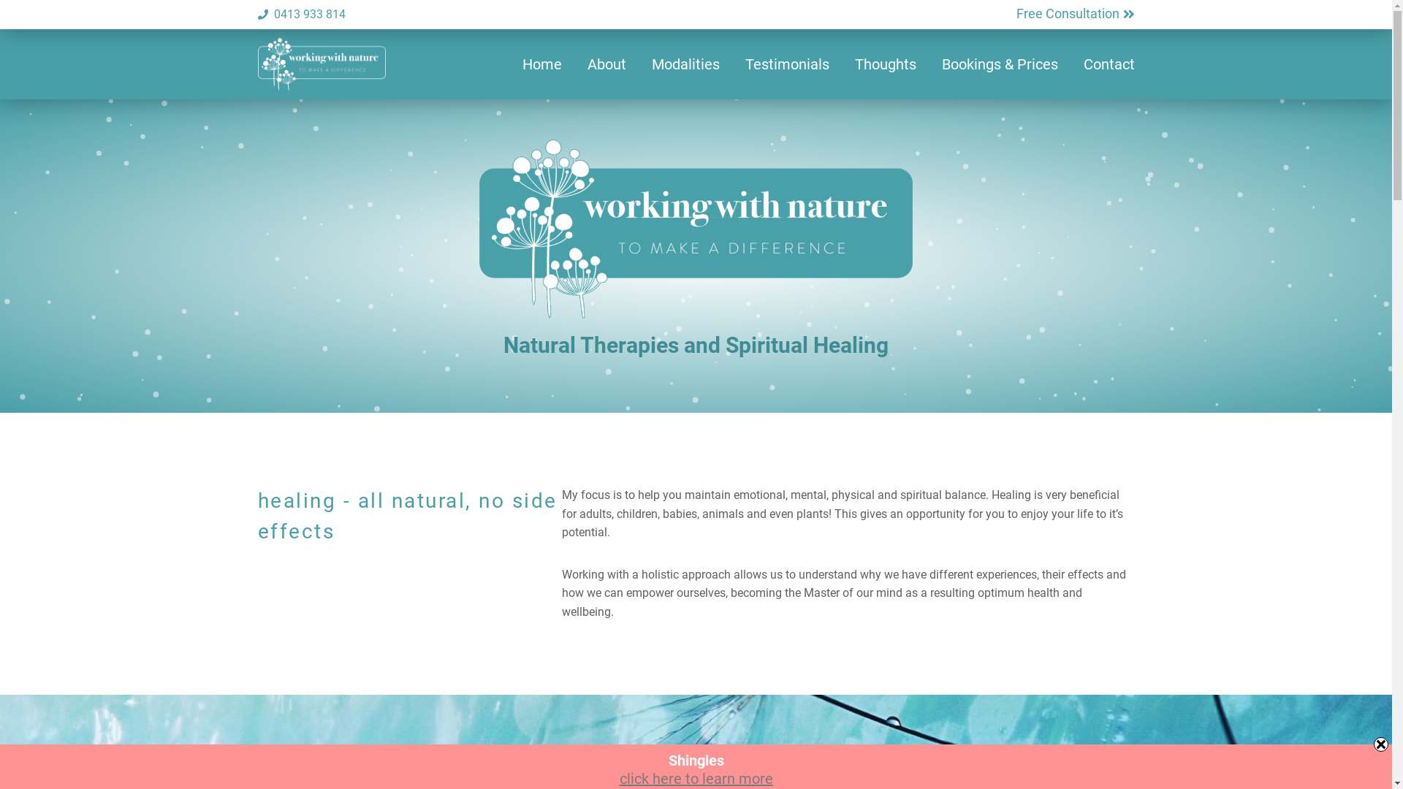 Image resolution: width=1403 pixels, height=789 pixels. What do you see at coordinates (522, 64) in the screenshot?
I see `'Home'` at bounding box center [522, 64].